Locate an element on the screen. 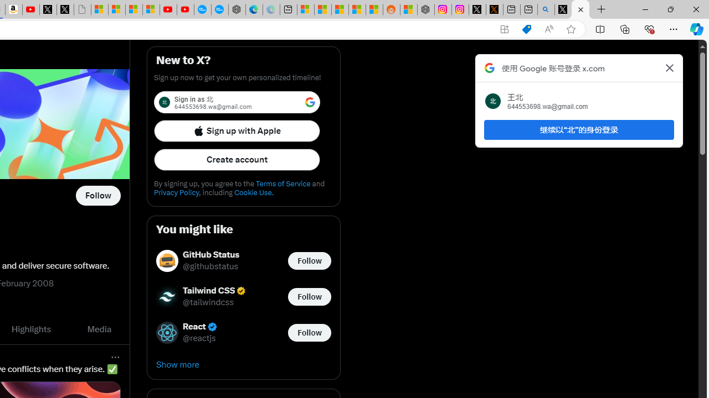 The height and width of the screenshot is (398, 709). '@githubstatus' is located at coordinates (210, 266).